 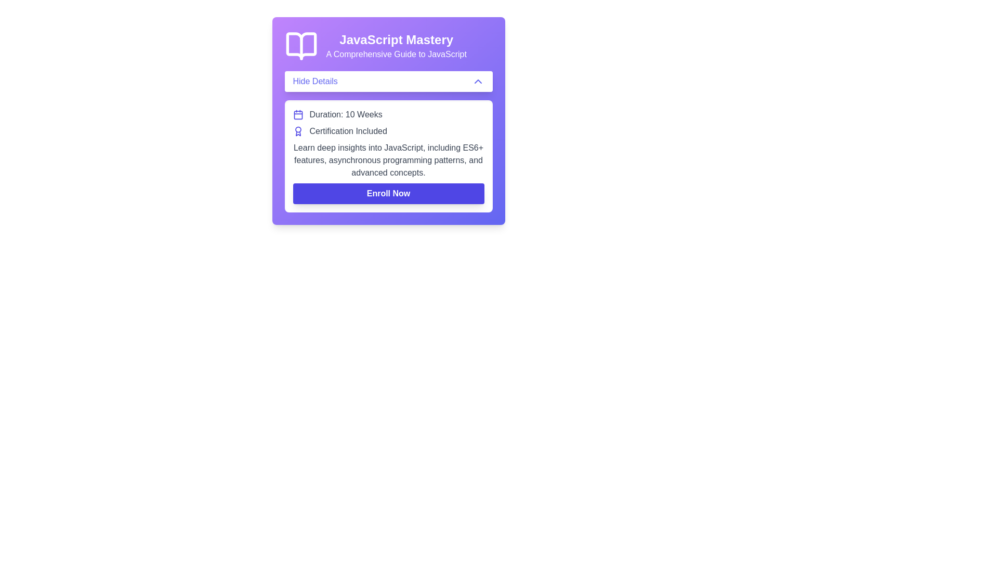 What do you see at coordinates (300, 45) in the screenshot?
I see `the decorative icon representing 'JavaScript Mastery' located in the top-left corner of the card interface` at bounding box center [300, 45].